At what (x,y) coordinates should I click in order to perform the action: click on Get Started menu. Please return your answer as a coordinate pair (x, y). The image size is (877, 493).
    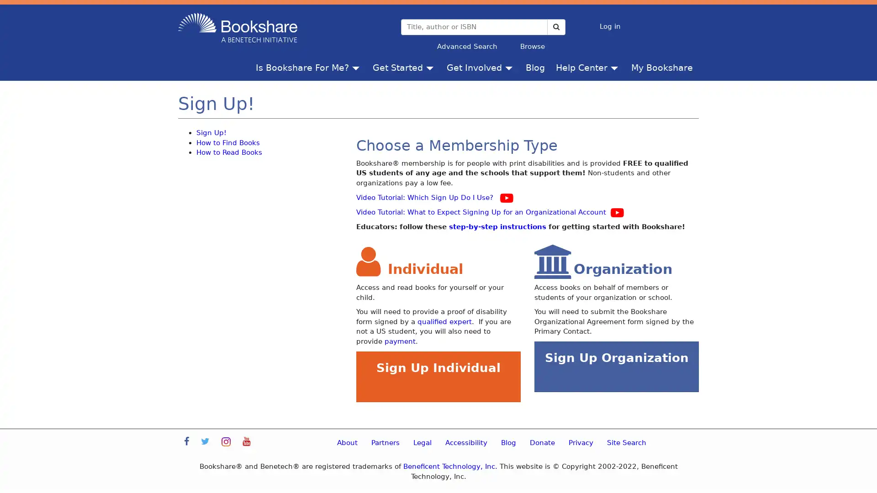
    Looking at the image, I should click on (431, 67).